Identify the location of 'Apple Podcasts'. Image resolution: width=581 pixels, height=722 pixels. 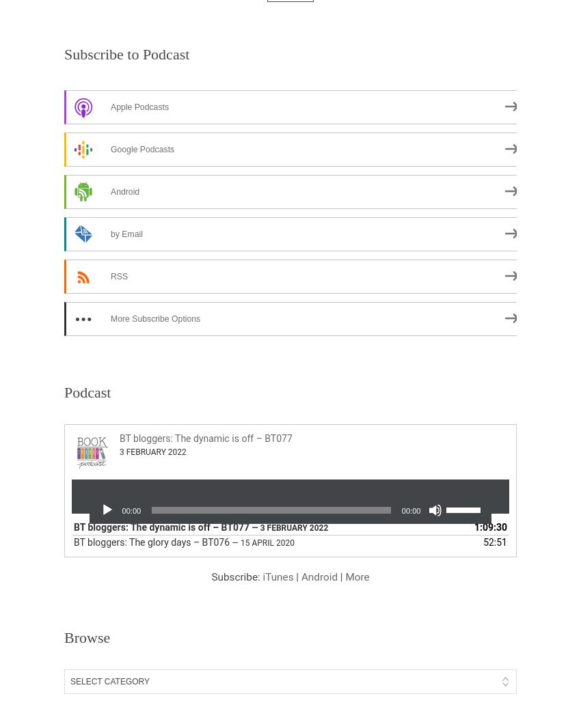
(139, 107).